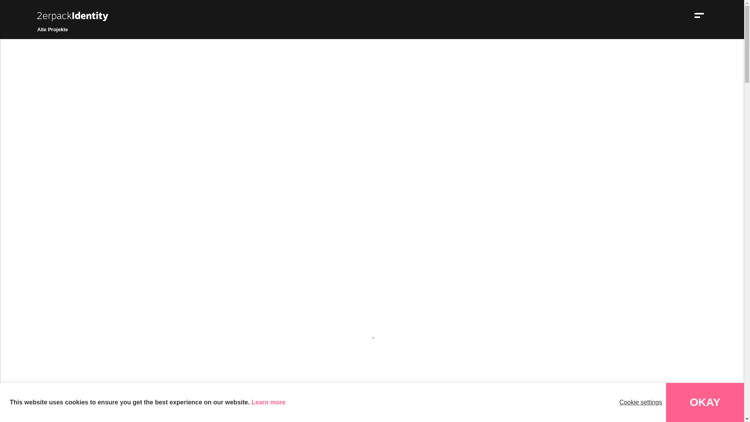 Image resolution: width=750 pixels, height=422 pixels. What do you see at coordinates (268, 402) in the screenshot?
I see `'Learn more'` at bounding box center [268, 402].